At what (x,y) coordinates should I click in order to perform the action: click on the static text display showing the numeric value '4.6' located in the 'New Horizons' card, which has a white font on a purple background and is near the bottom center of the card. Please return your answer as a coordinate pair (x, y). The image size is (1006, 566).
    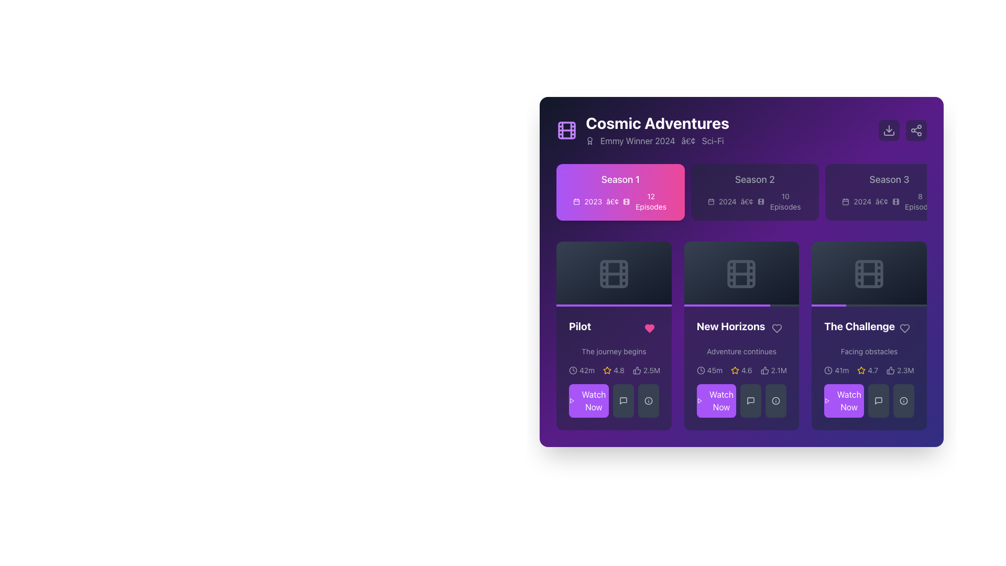
    Looking at the image, I should click on (746, 369).